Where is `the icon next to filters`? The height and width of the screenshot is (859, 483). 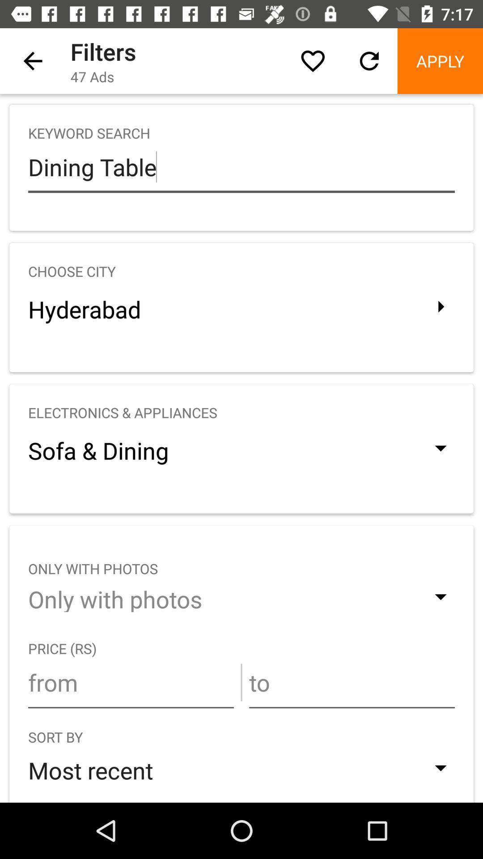
the icon next to filters is located at coordinates (32, 60).